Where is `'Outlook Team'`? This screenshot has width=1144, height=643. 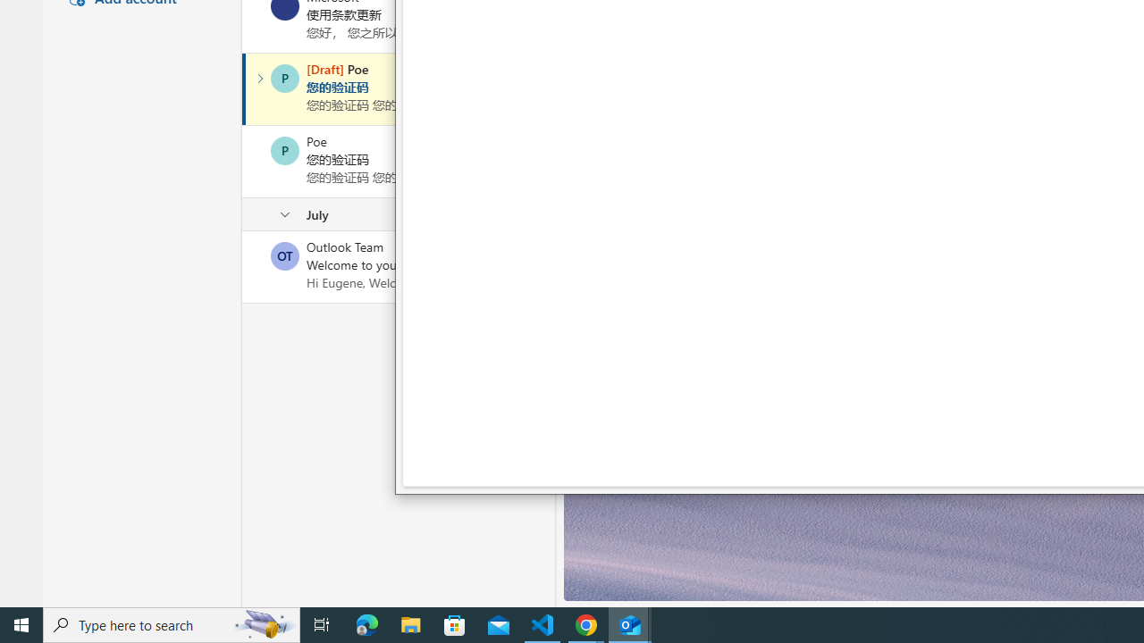 'Outlook Team' is located at coordinates (284, 255).